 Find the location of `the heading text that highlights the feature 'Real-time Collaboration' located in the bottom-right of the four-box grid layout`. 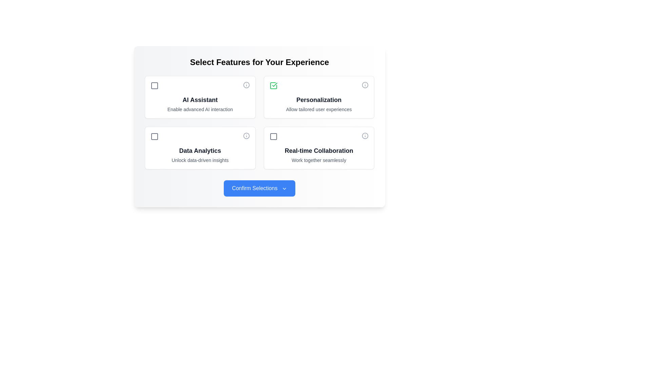

the heading text that highlights the feature 'Real-time Collaboration' located in the bottom-right of the four-box grid layout is located at coordinates (318, 150).